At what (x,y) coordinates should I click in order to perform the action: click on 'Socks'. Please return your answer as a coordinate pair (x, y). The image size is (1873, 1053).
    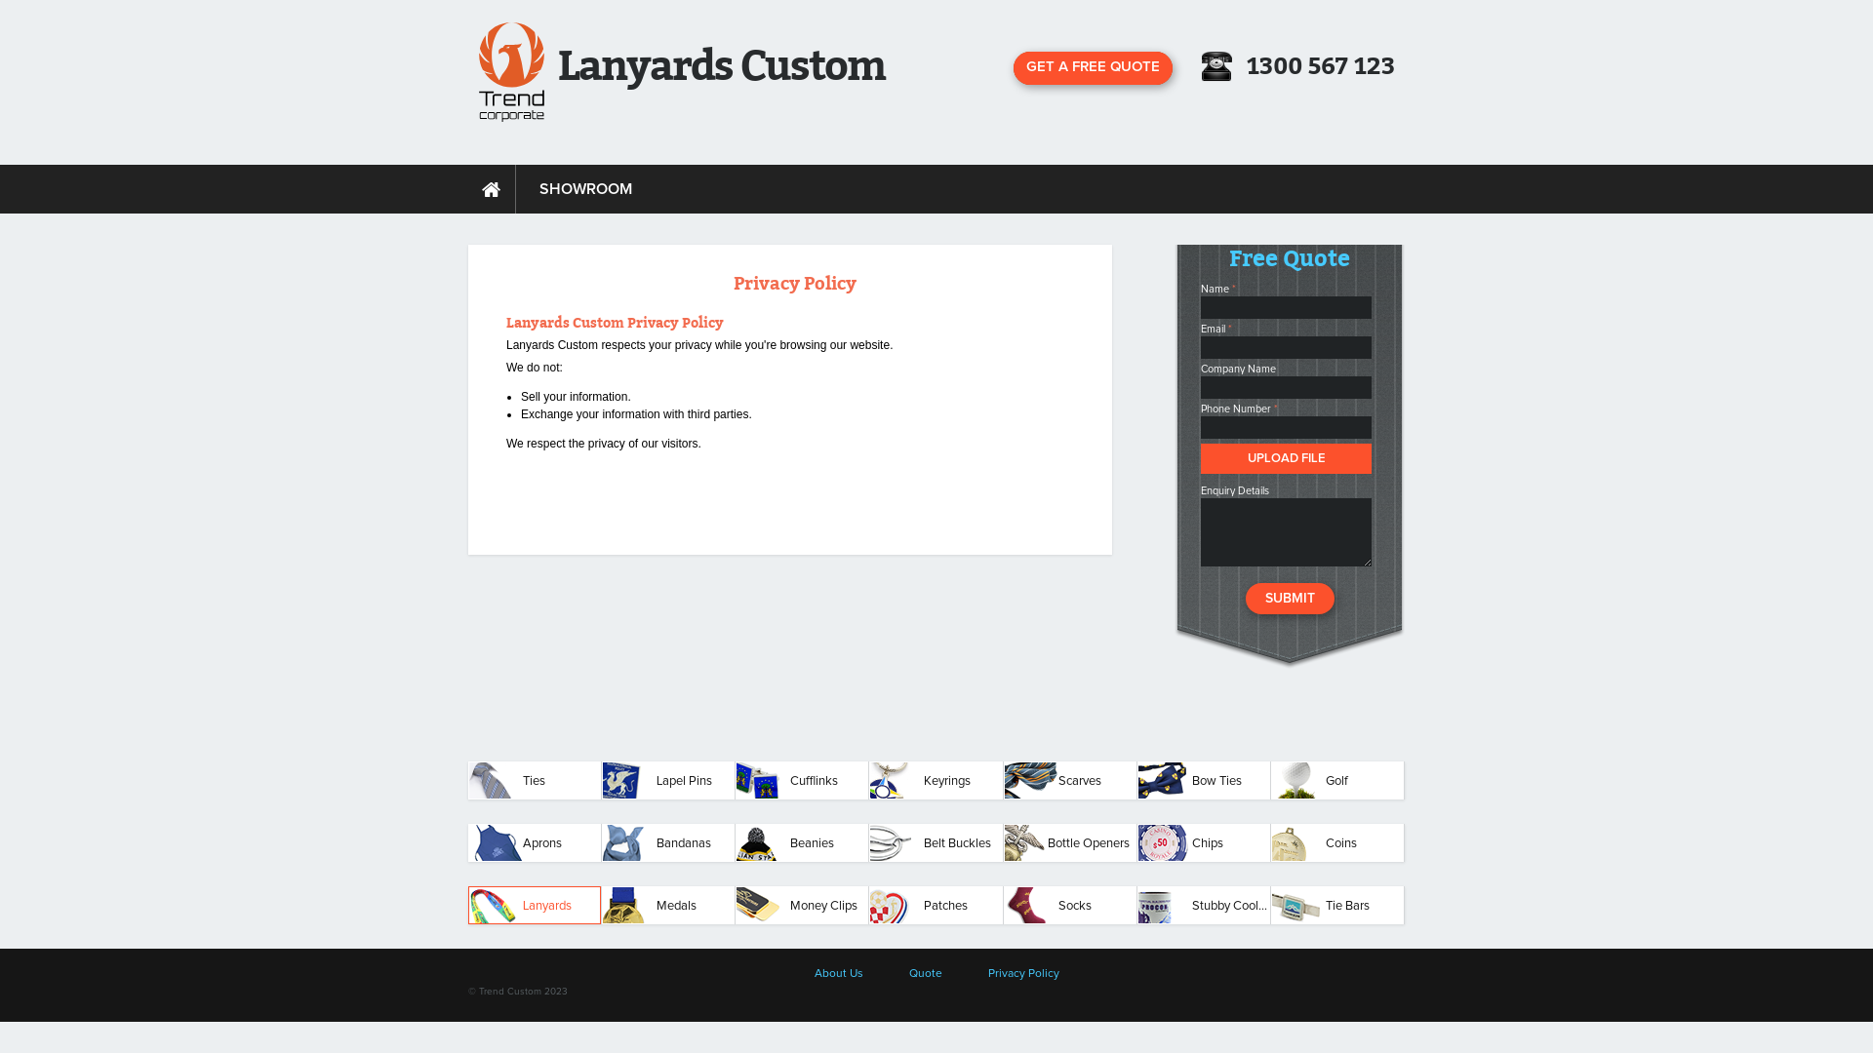
    Looking at the image, I should click on (1069, 905).